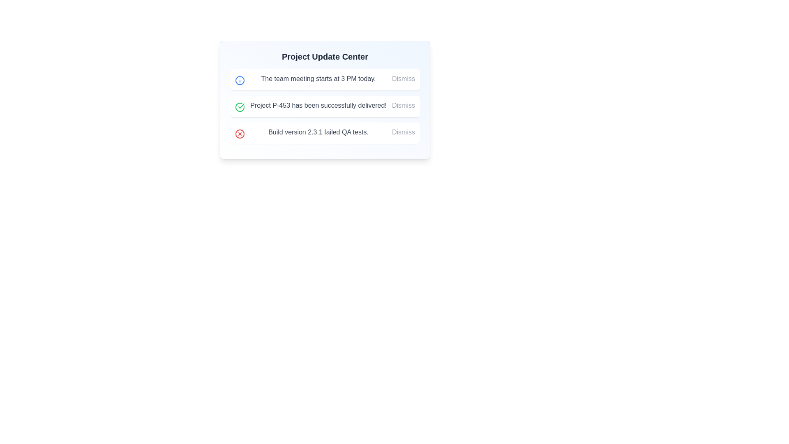  What do you see at coordinates (404, 105) in the screenshot?
I see `the dismiss button located to the right of the notification message 'Project P-453 has been successfully delivered!'` at bounding box center [404, 105].